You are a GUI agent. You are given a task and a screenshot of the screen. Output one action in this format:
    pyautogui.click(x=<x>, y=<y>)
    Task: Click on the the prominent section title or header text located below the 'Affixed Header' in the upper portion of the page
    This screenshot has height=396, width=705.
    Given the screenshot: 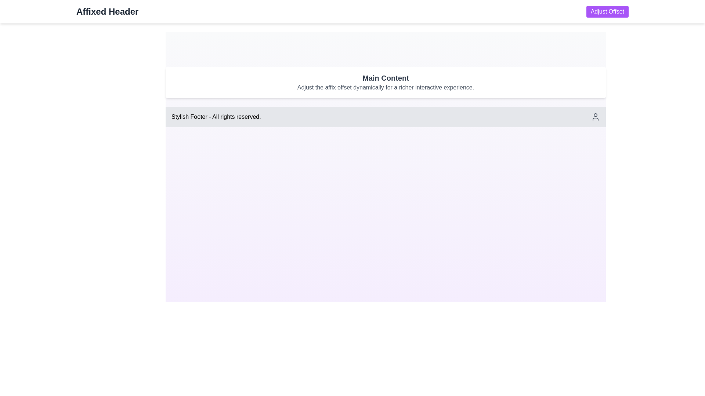 What is the action you would take?
    pyautogui.click(x=385, y=78)
    